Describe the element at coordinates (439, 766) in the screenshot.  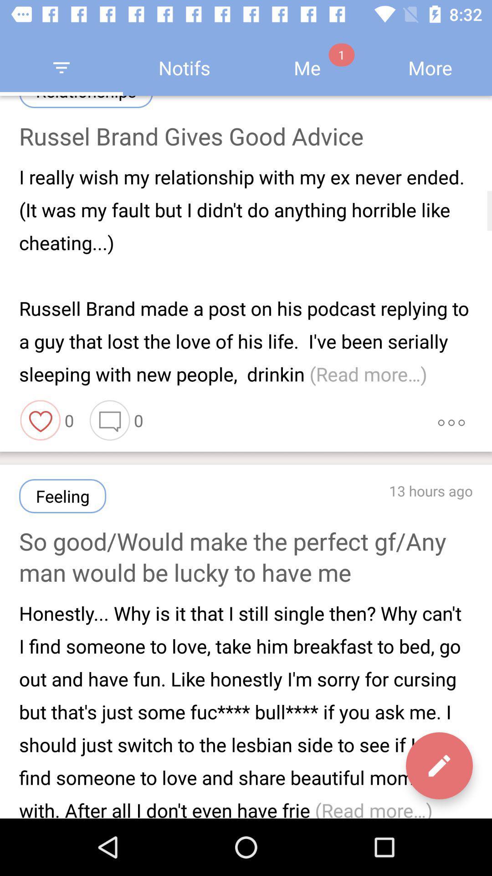
I see `the edit icon` at that location.